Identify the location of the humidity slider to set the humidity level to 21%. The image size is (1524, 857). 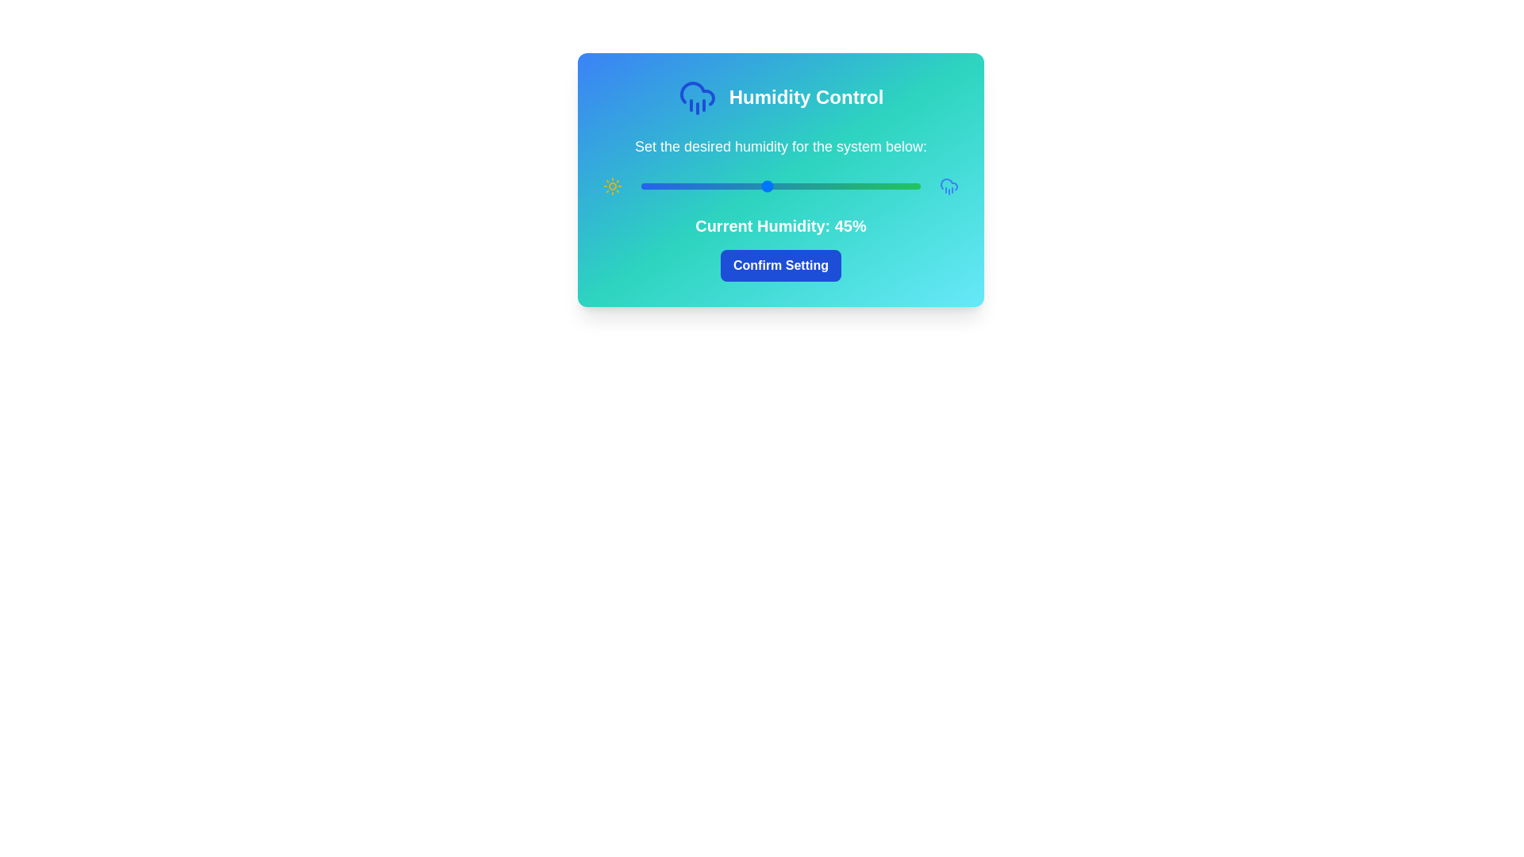
(698, 186).